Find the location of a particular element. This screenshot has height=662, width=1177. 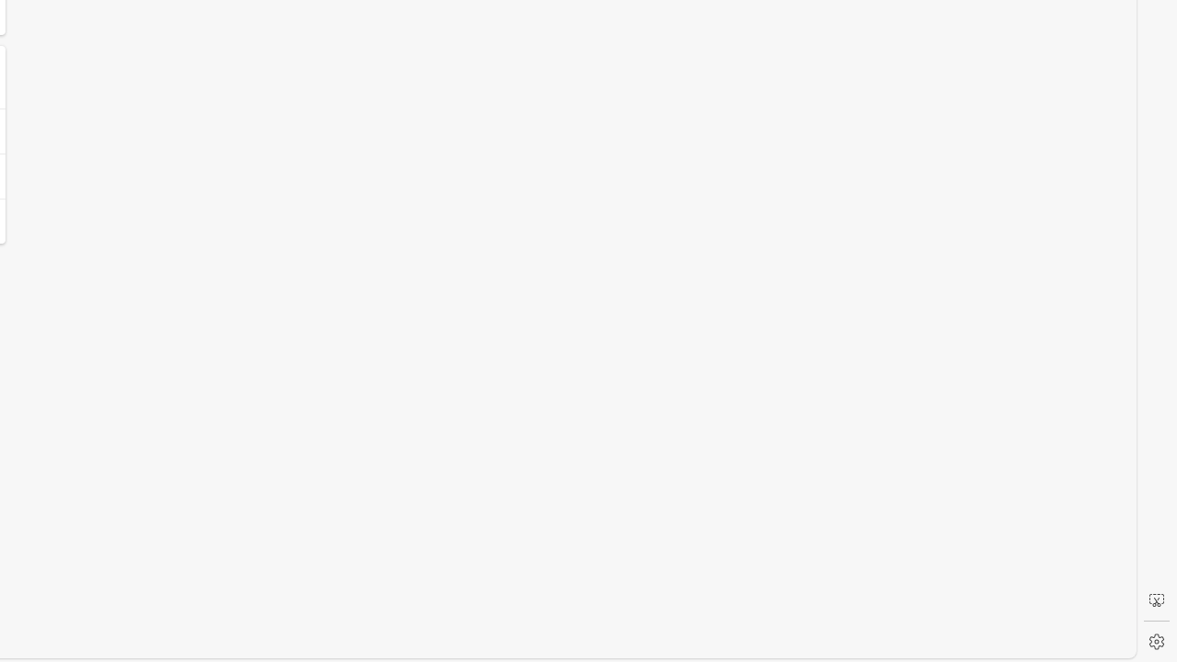

'Settings' is located at coordinates (1155, 640).